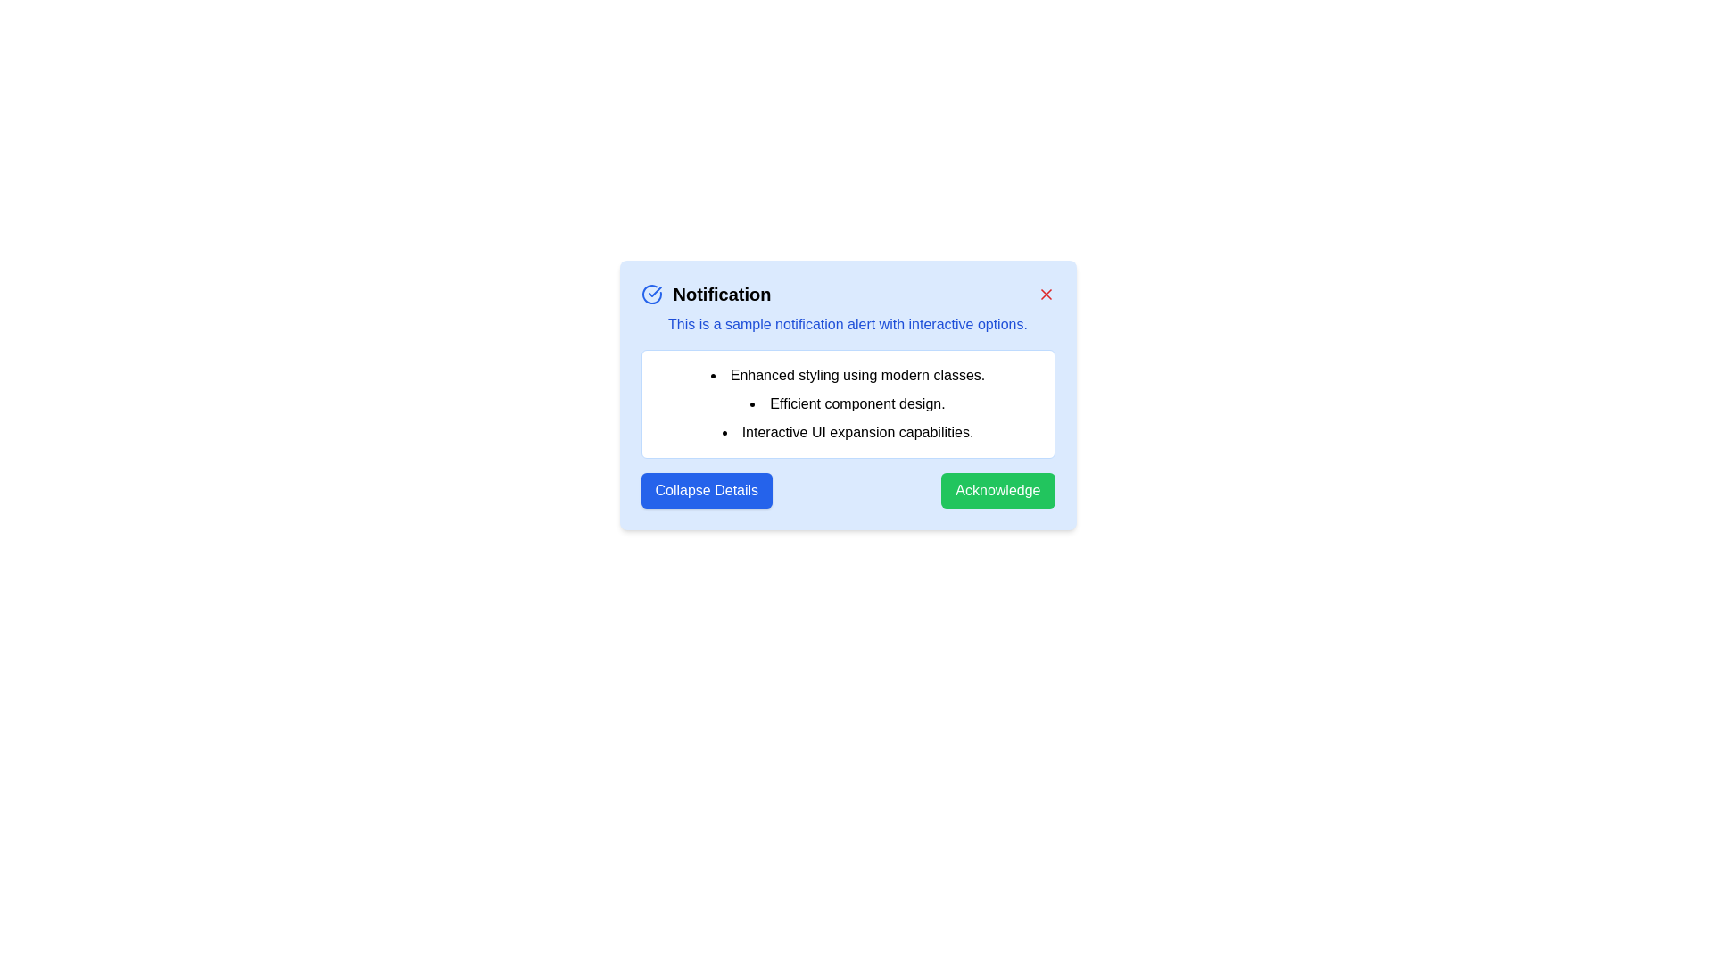  Describe the element at coordinates (1046, 294) in the screenshot. I see `the close button to close the alert` at that location.